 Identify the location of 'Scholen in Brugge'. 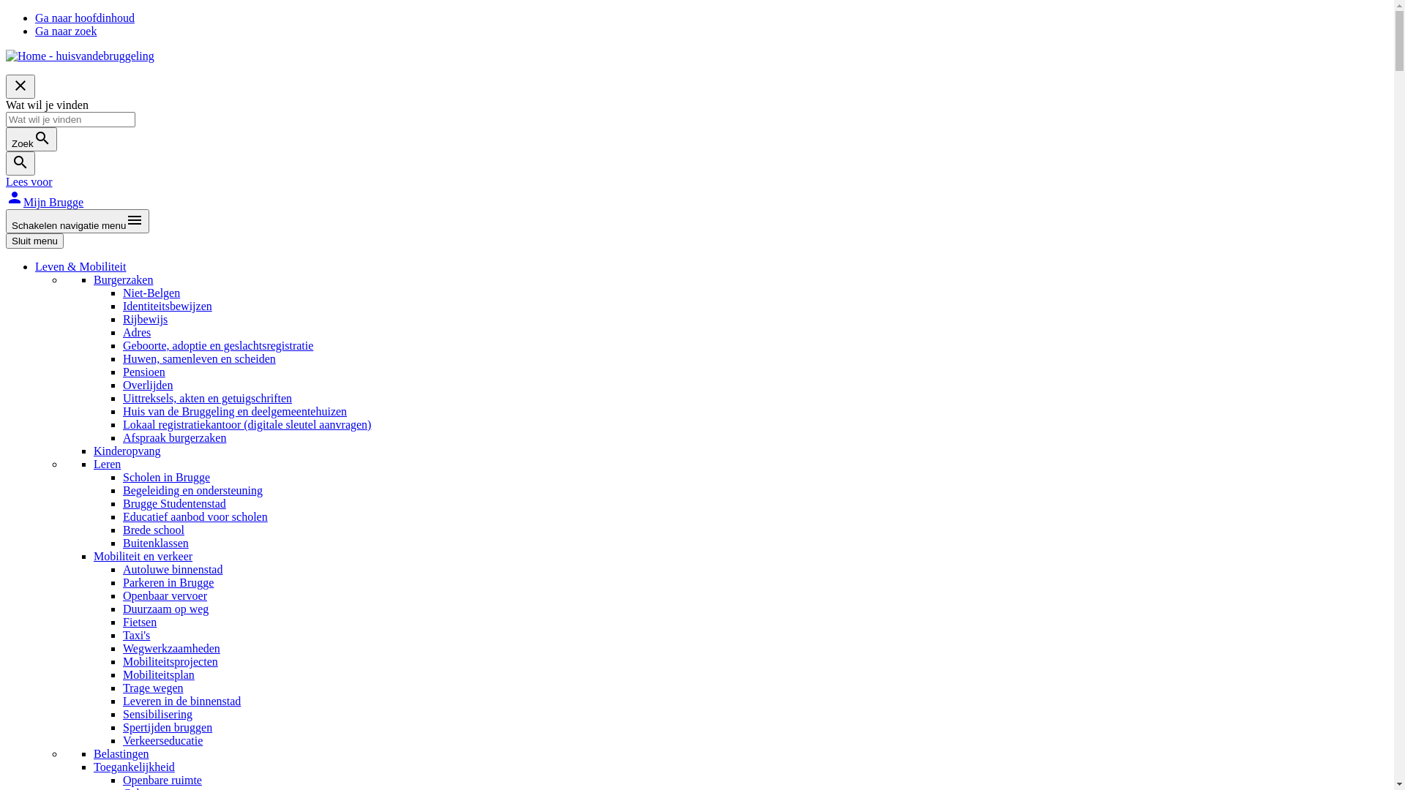
(166, 477).